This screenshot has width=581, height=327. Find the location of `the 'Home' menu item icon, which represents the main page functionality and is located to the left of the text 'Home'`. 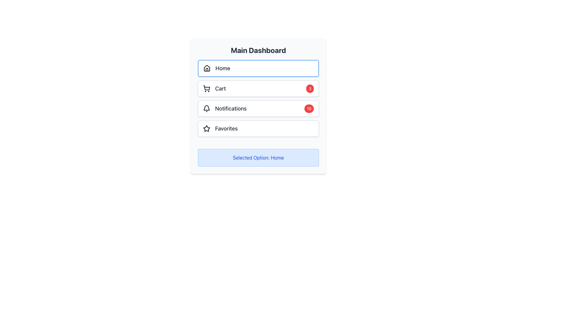

the 'Home' menu item icon, which represents the main page functionality and is located to the left of the text 'Home' is located at coordinates (207, 68).